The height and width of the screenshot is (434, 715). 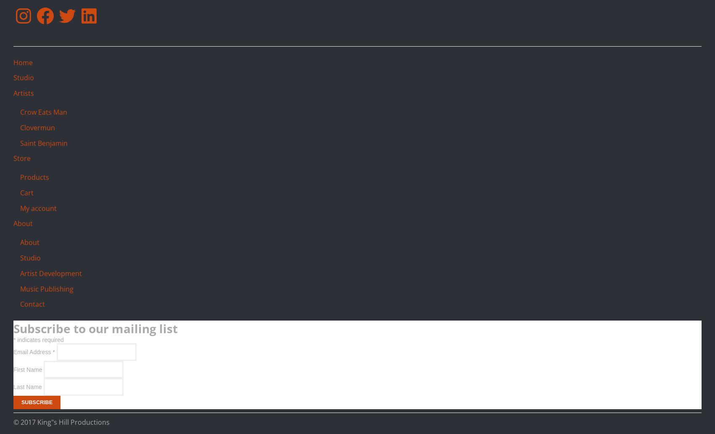 What do you see at coordinates (33, 352) in the screenshot?
I see `'Email Address'` at bounding box center [33, 352].